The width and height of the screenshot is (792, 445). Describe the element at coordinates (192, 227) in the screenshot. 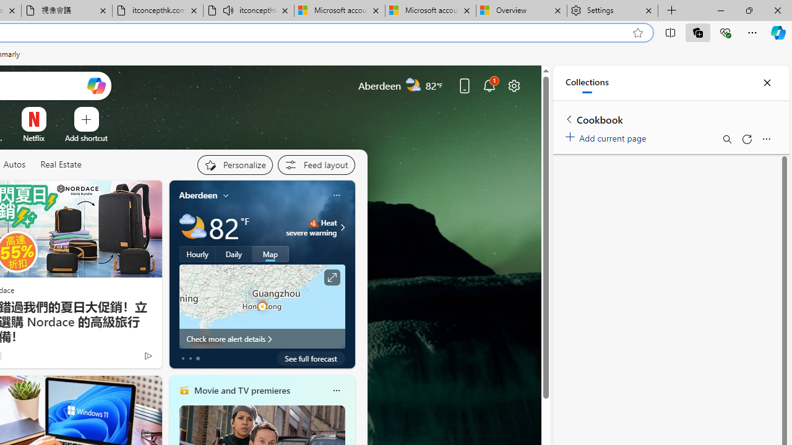

I see `'Partly cloudy'` at that location.